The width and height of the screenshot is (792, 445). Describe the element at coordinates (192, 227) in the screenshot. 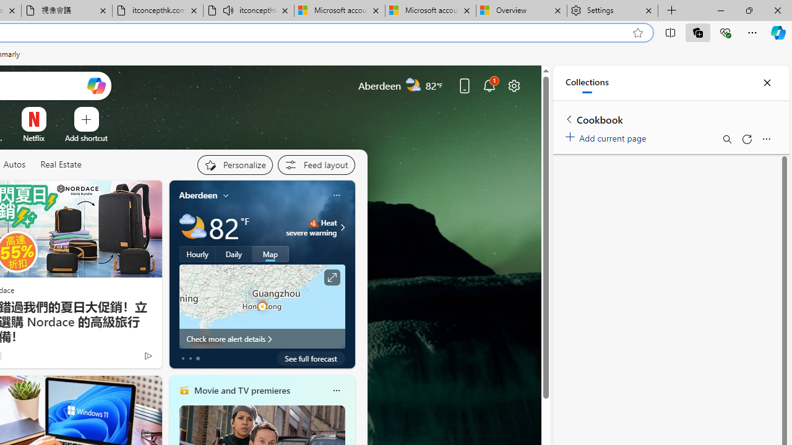

I see `'Partly cloudy'` at that location.